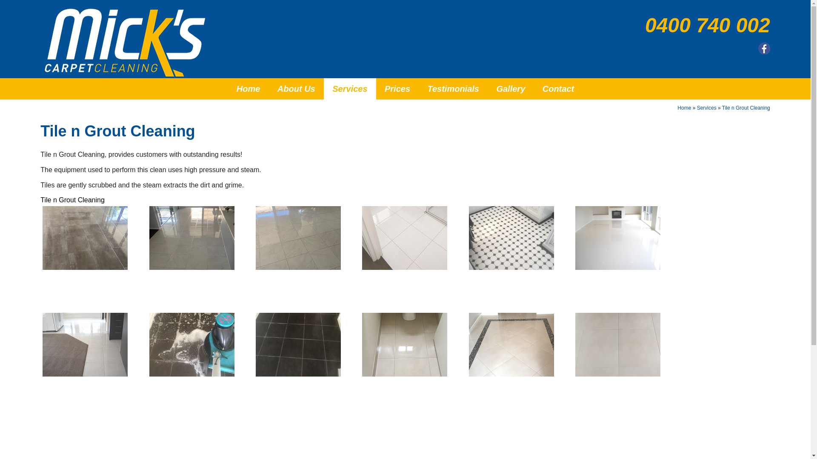 This screenshot has height=459, width=817. I want to click on 'Follow us on Facebook', so click(764, 48).